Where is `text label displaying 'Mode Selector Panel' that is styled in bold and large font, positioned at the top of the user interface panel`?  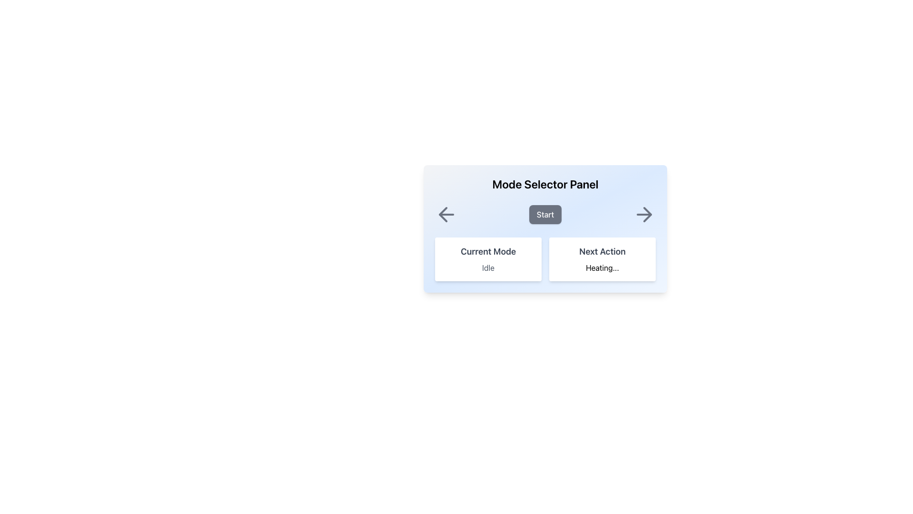 text label displaying 'Mode Selector Panel' that is styled in bold and large font, positioned at the top of the user interface panel is located at coordinates (545, 184).